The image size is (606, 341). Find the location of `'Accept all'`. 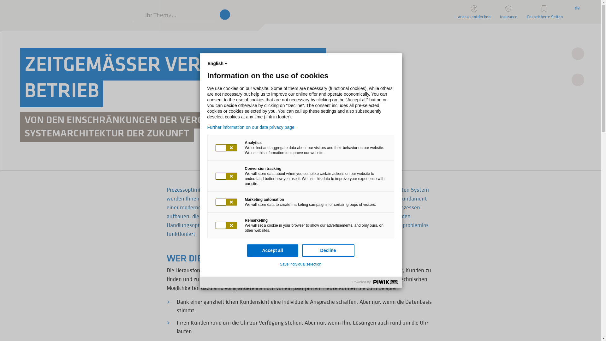

'Accept all' is located at coordinates (272, 250).